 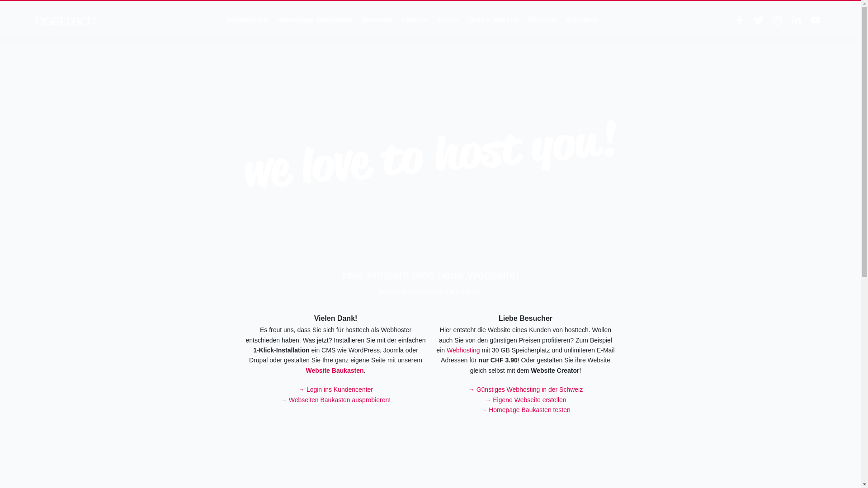 I want to click on 'Webhosting', so click(x=463, y=350).